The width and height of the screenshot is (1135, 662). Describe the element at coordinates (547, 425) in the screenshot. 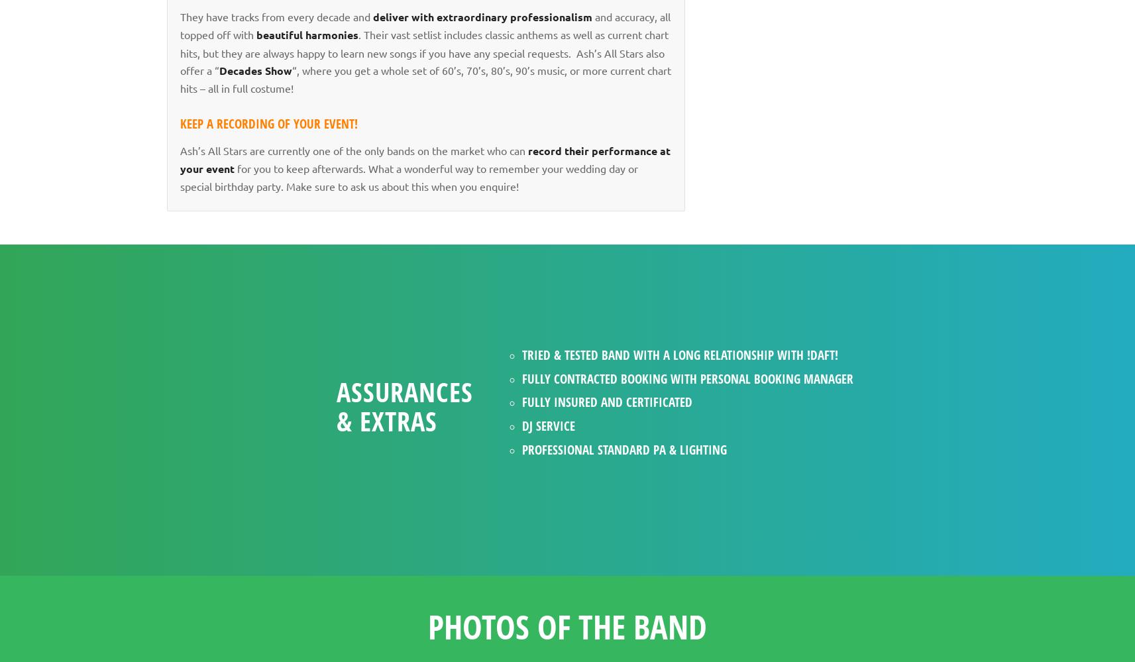

I see `'DJ service'` at that location.